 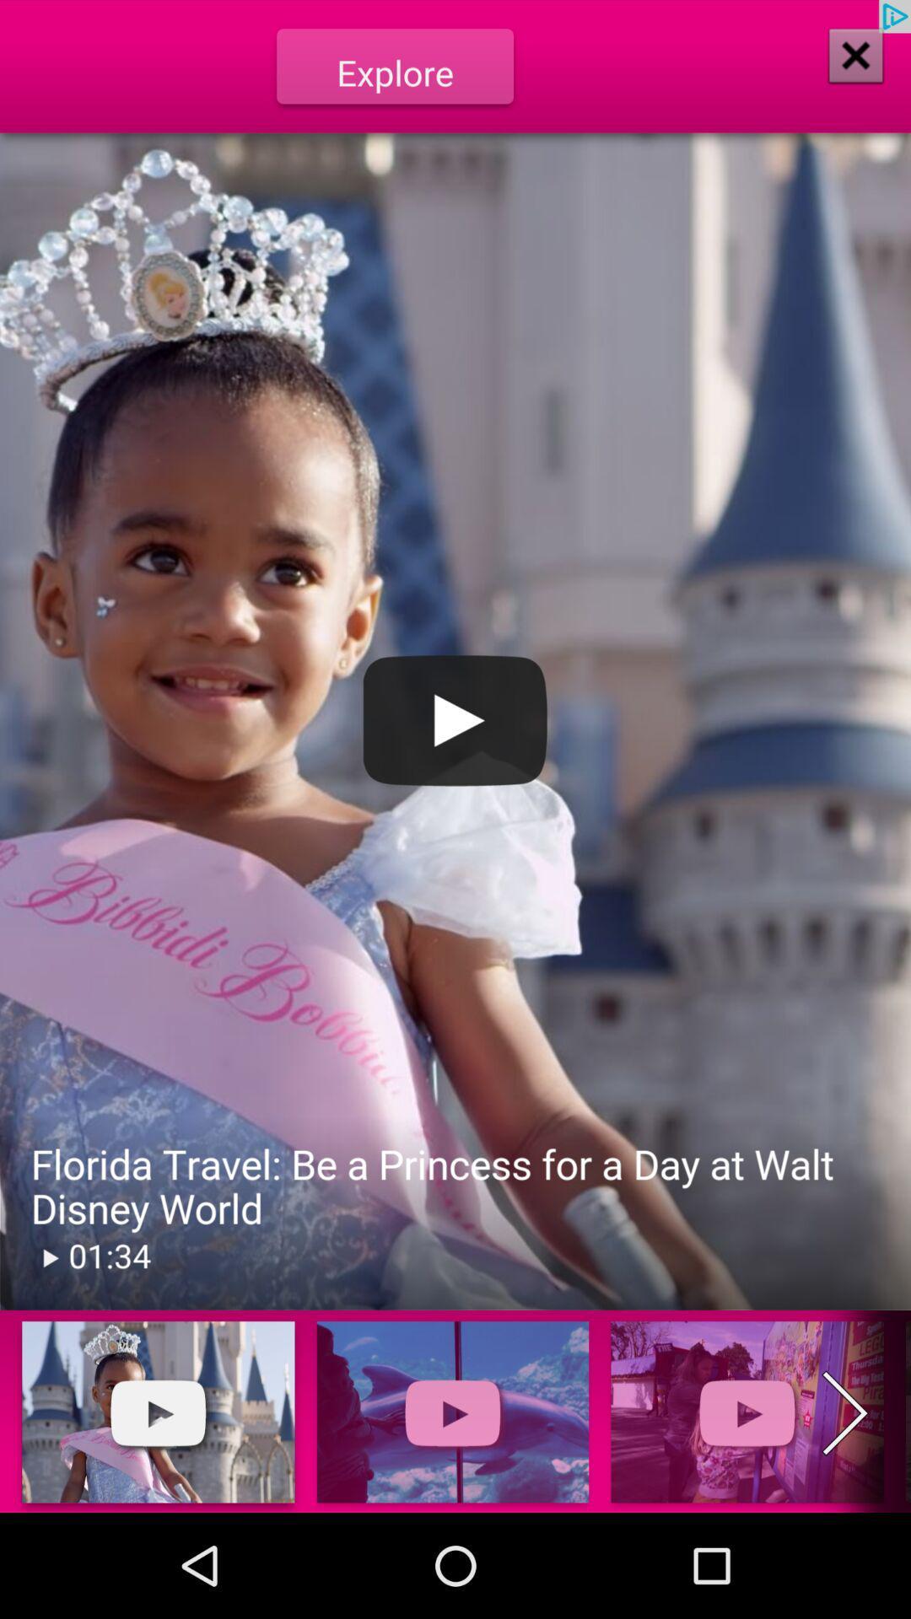 I want to click on the close icon, so click(x=855, y=59).